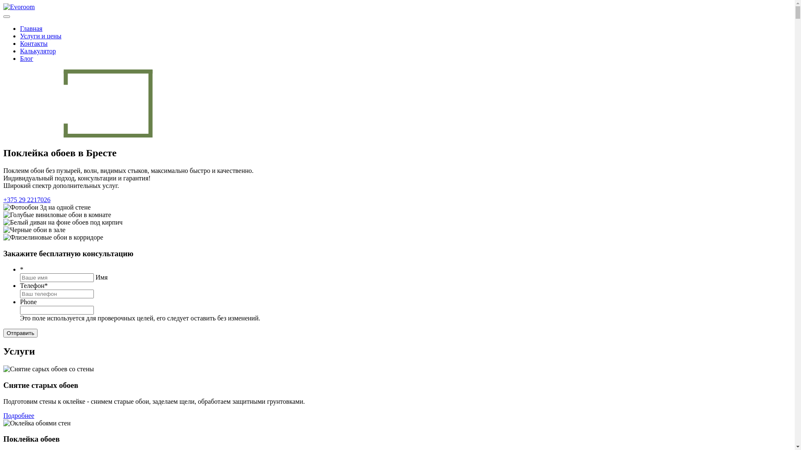 Image resolution: width=801 pixels, height=450 pixels. Describe the element at coordinates (27, 200) in the screenshot. I see `'+375 29 2217026'` at that location.